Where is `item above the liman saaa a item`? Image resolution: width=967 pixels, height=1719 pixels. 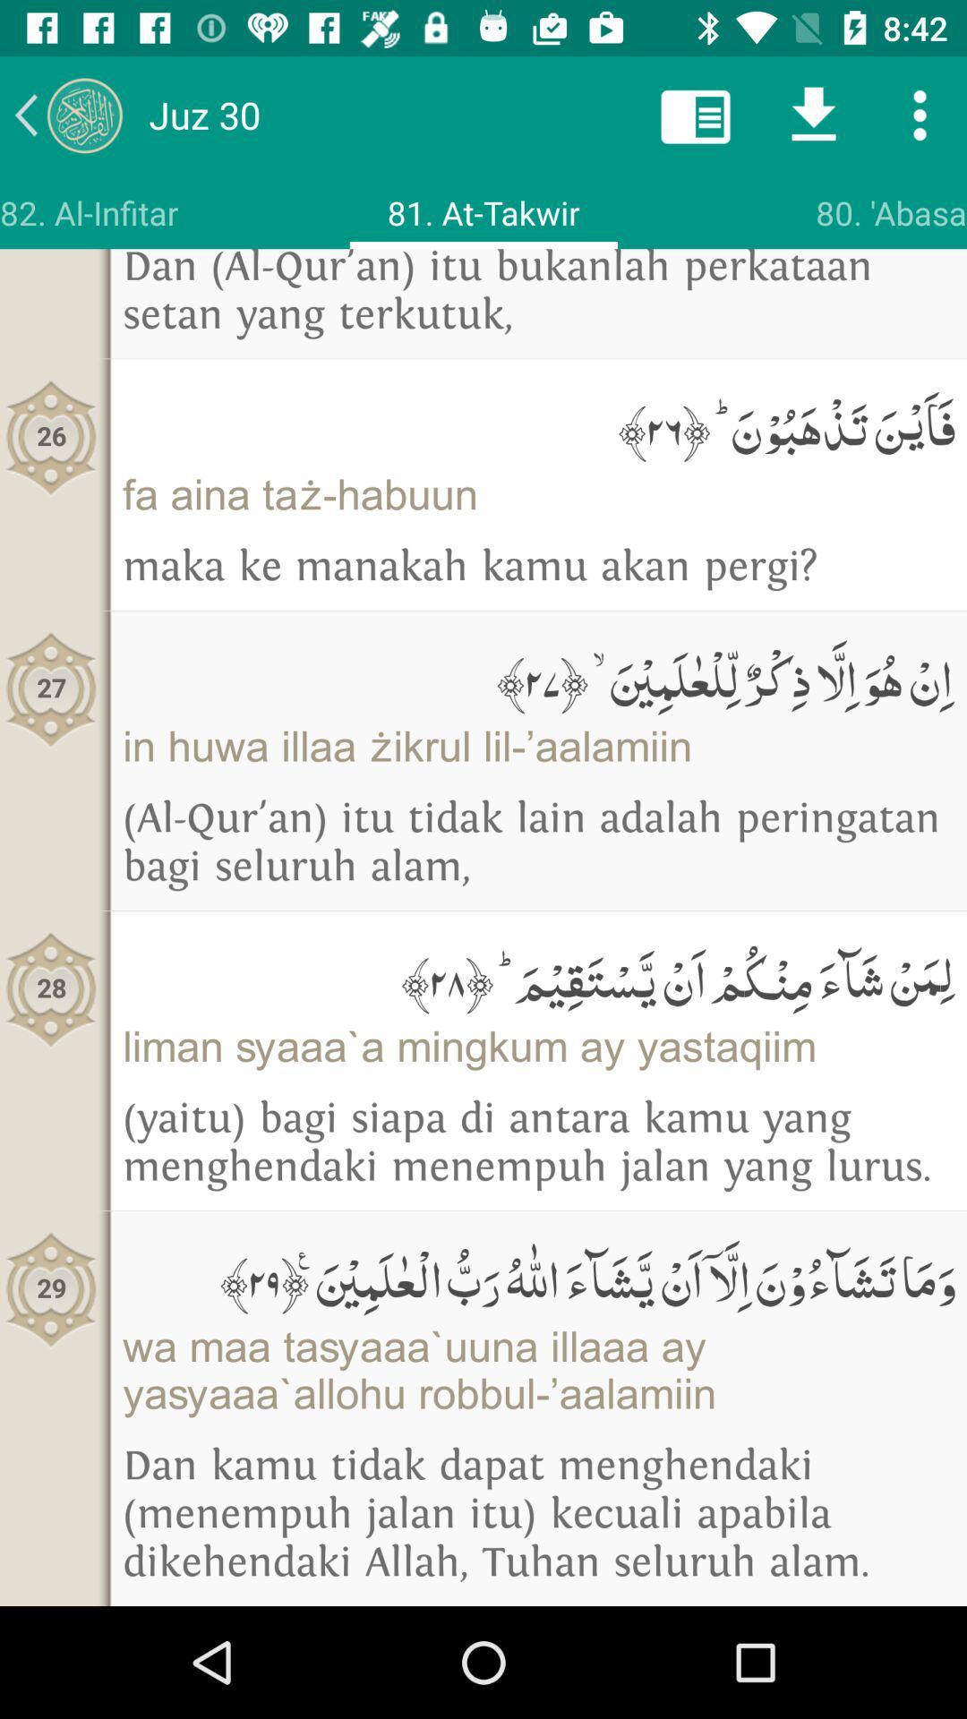
item above the liman saaa a item is located at coordinates (537, 975).